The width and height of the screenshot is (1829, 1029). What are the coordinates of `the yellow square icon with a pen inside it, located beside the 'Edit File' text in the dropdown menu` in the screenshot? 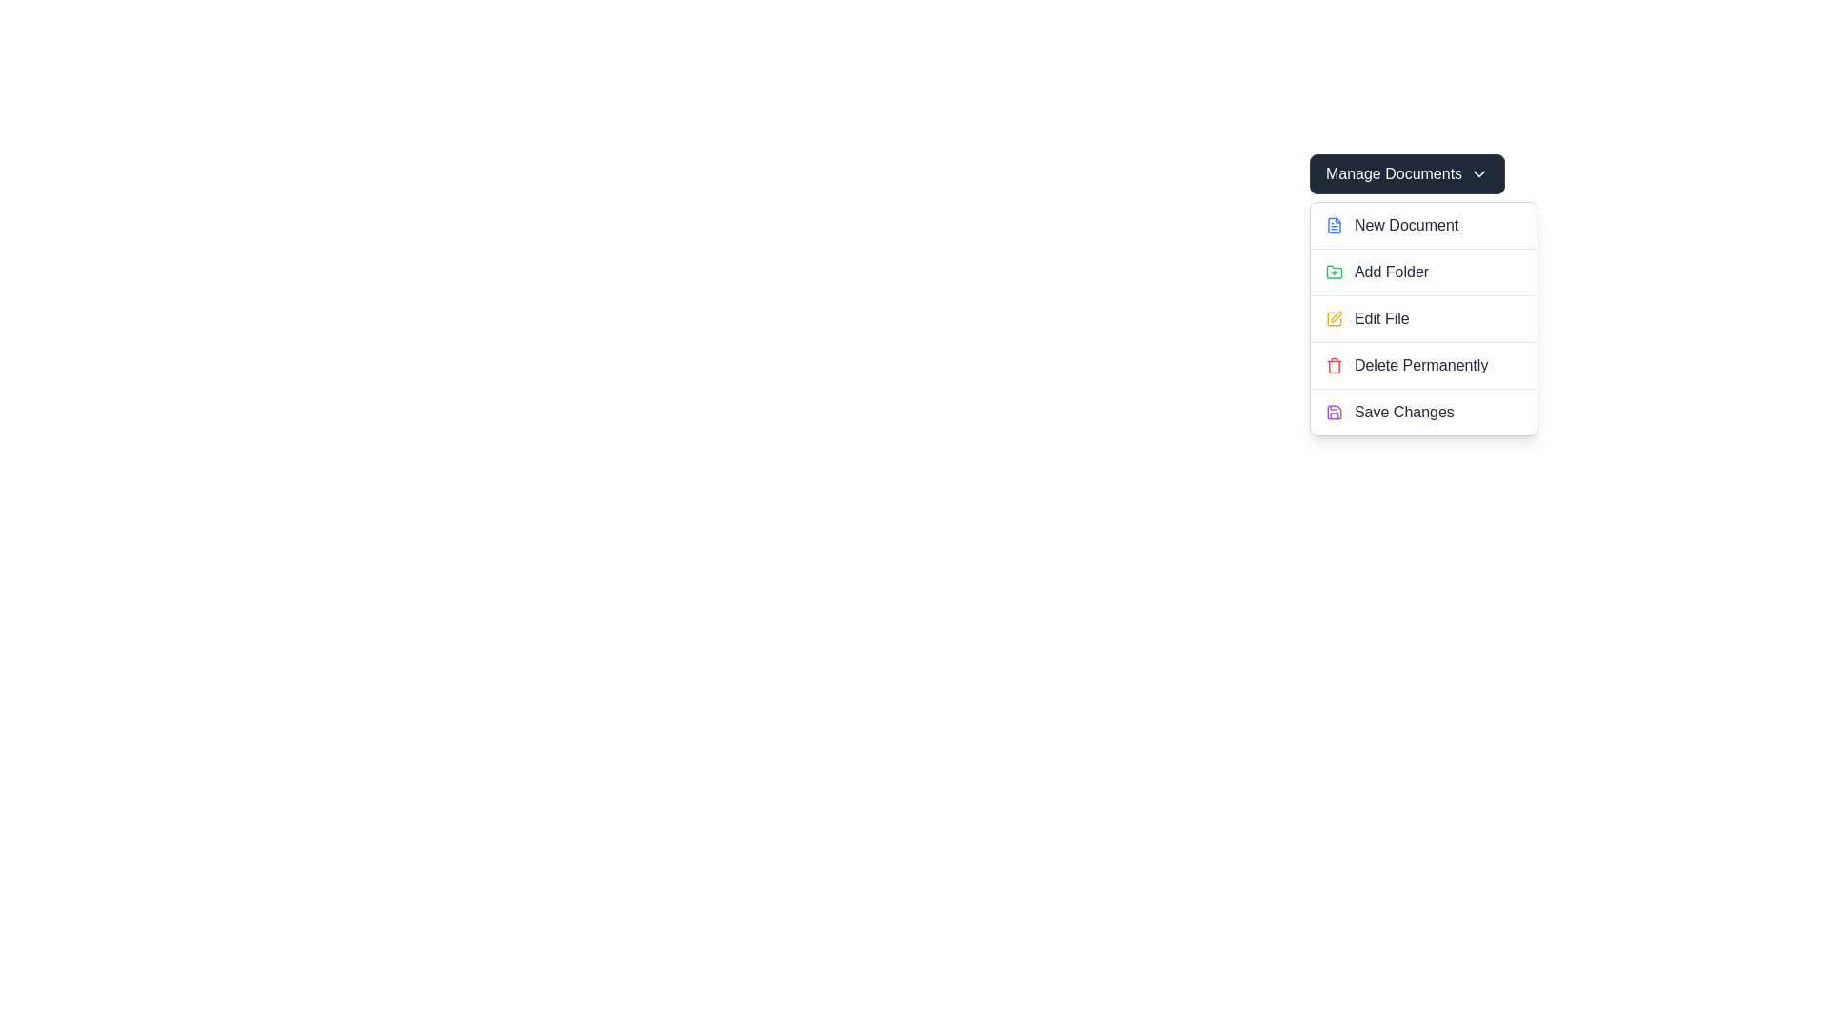 It's located at (1333, 318).